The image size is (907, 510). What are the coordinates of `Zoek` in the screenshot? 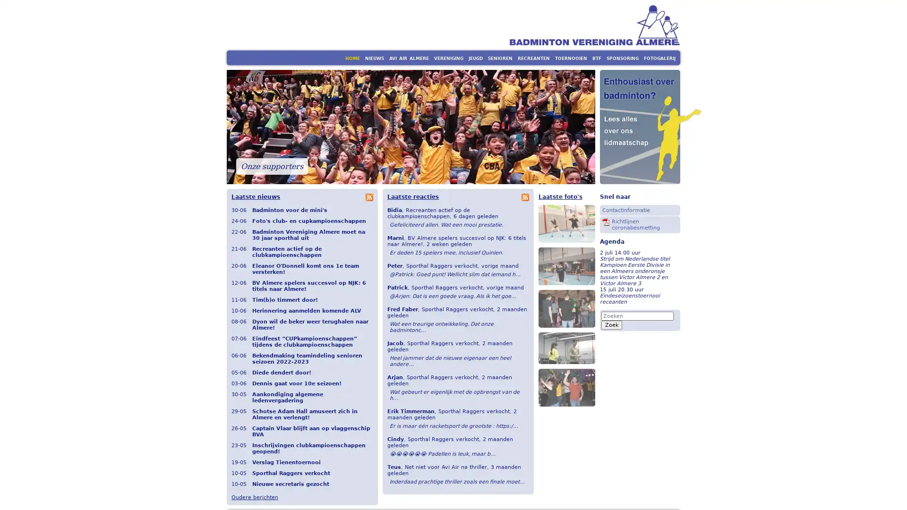 It's located at (612, 324).